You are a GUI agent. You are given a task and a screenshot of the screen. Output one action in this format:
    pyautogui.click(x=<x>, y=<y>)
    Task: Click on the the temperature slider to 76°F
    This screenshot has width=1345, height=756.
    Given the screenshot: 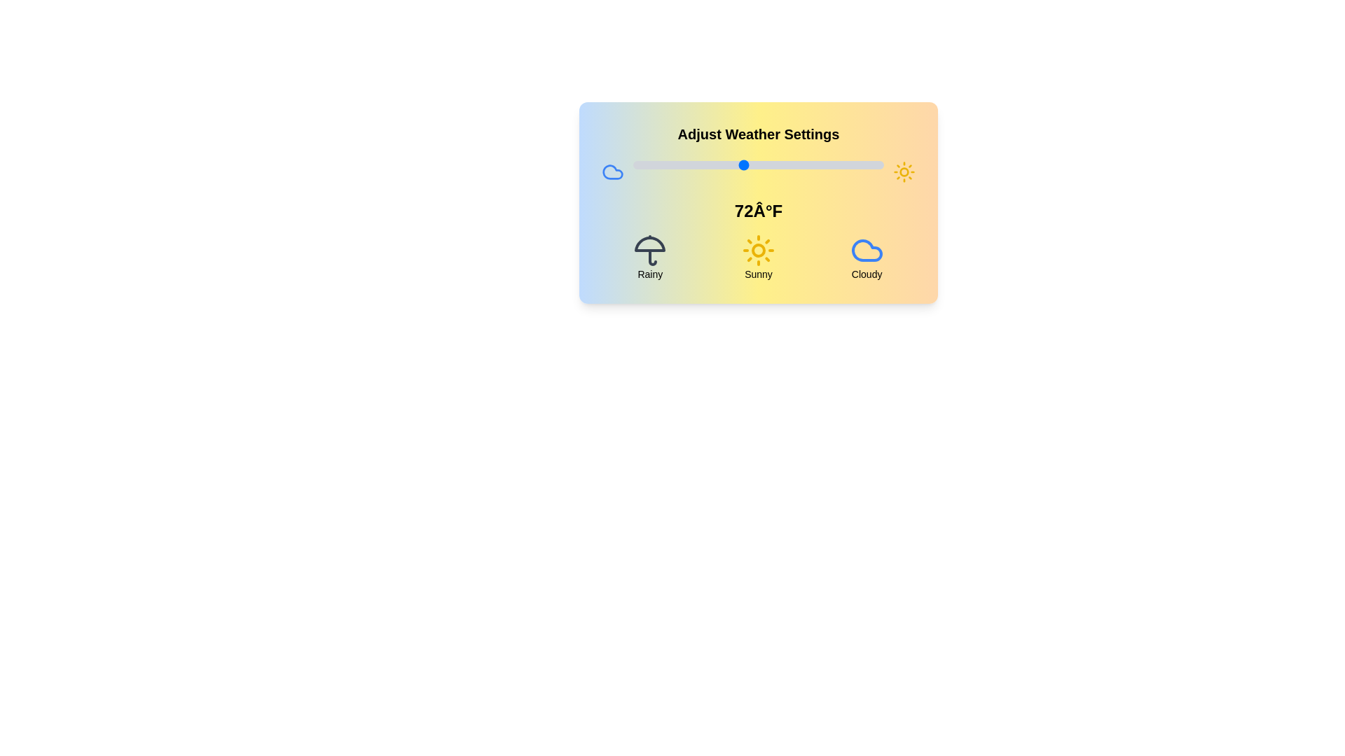 What is the action you would take?
    pyautogui.click(x=763, y=164)
    